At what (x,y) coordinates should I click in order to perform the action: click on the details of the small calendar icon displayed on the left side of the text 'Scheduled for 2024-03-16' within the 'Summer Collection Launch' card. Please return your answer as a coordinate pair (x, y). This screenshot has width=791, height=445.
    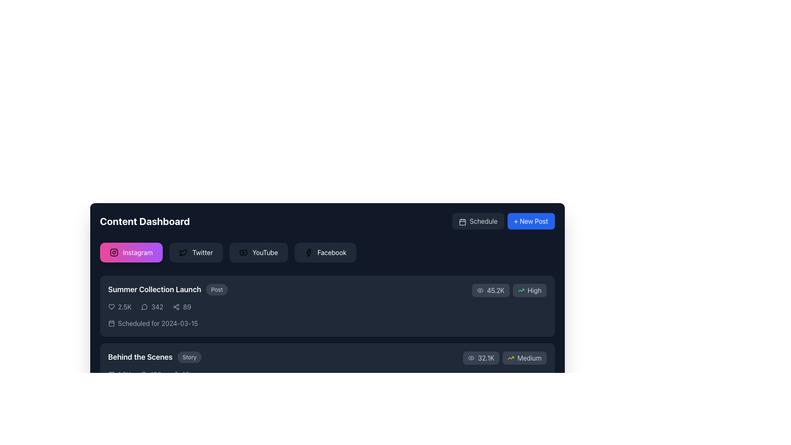
    Looking at the image, I should click on (111, 390).